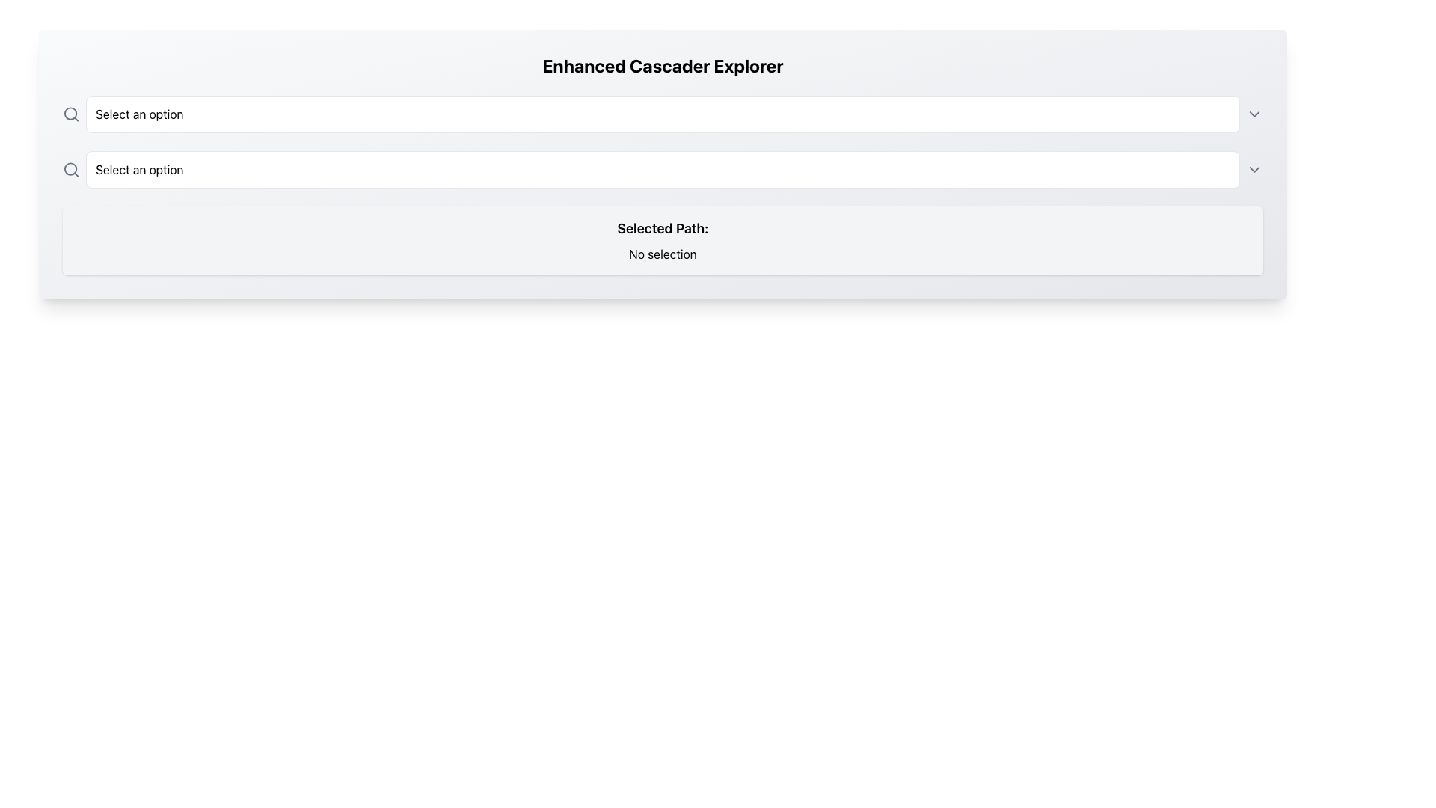 This screenshot has width=1436, height=808. Describe the element at coordinates (70, 169) in the screenshot. I see `the Search Icon located in the second row of the 'Select an option' component group, positioned on the left side near the text field to initiate a search` at that location.